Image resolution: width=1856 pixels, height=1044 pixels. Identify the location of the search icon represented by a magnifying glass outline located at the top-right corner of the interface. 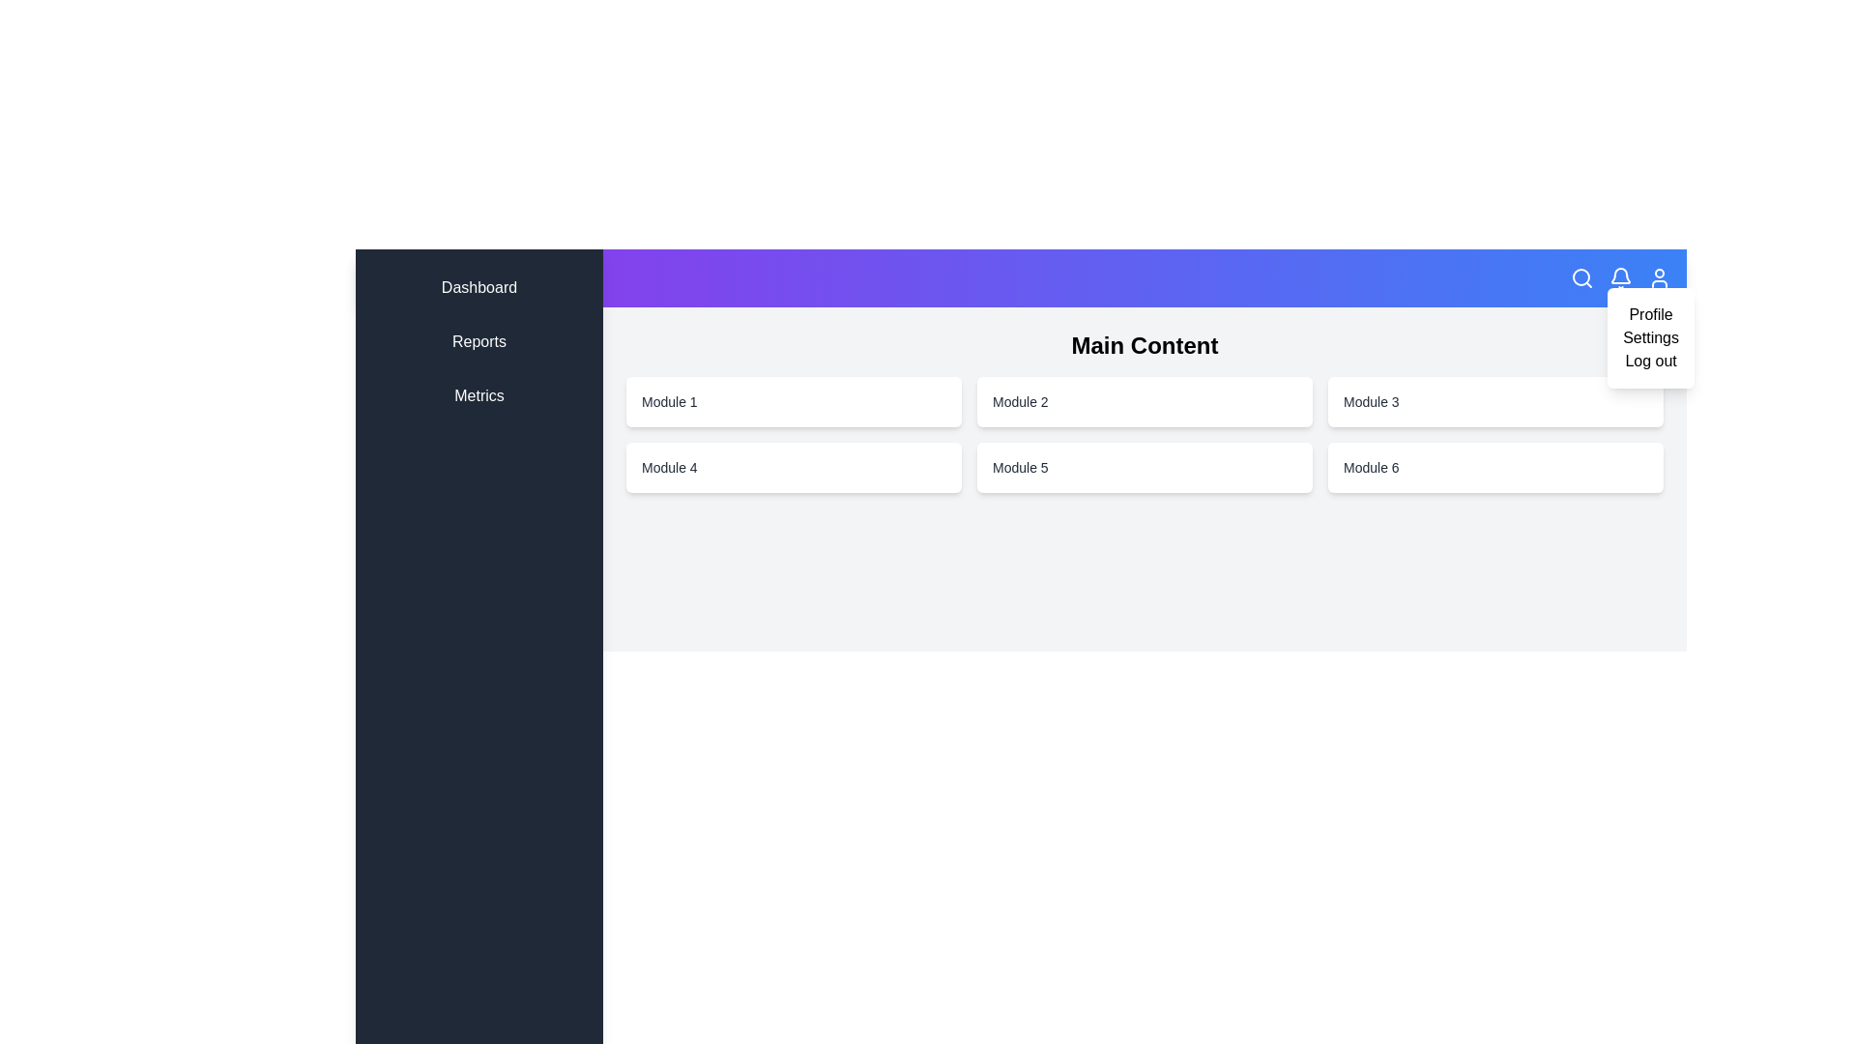
(1581, 278).